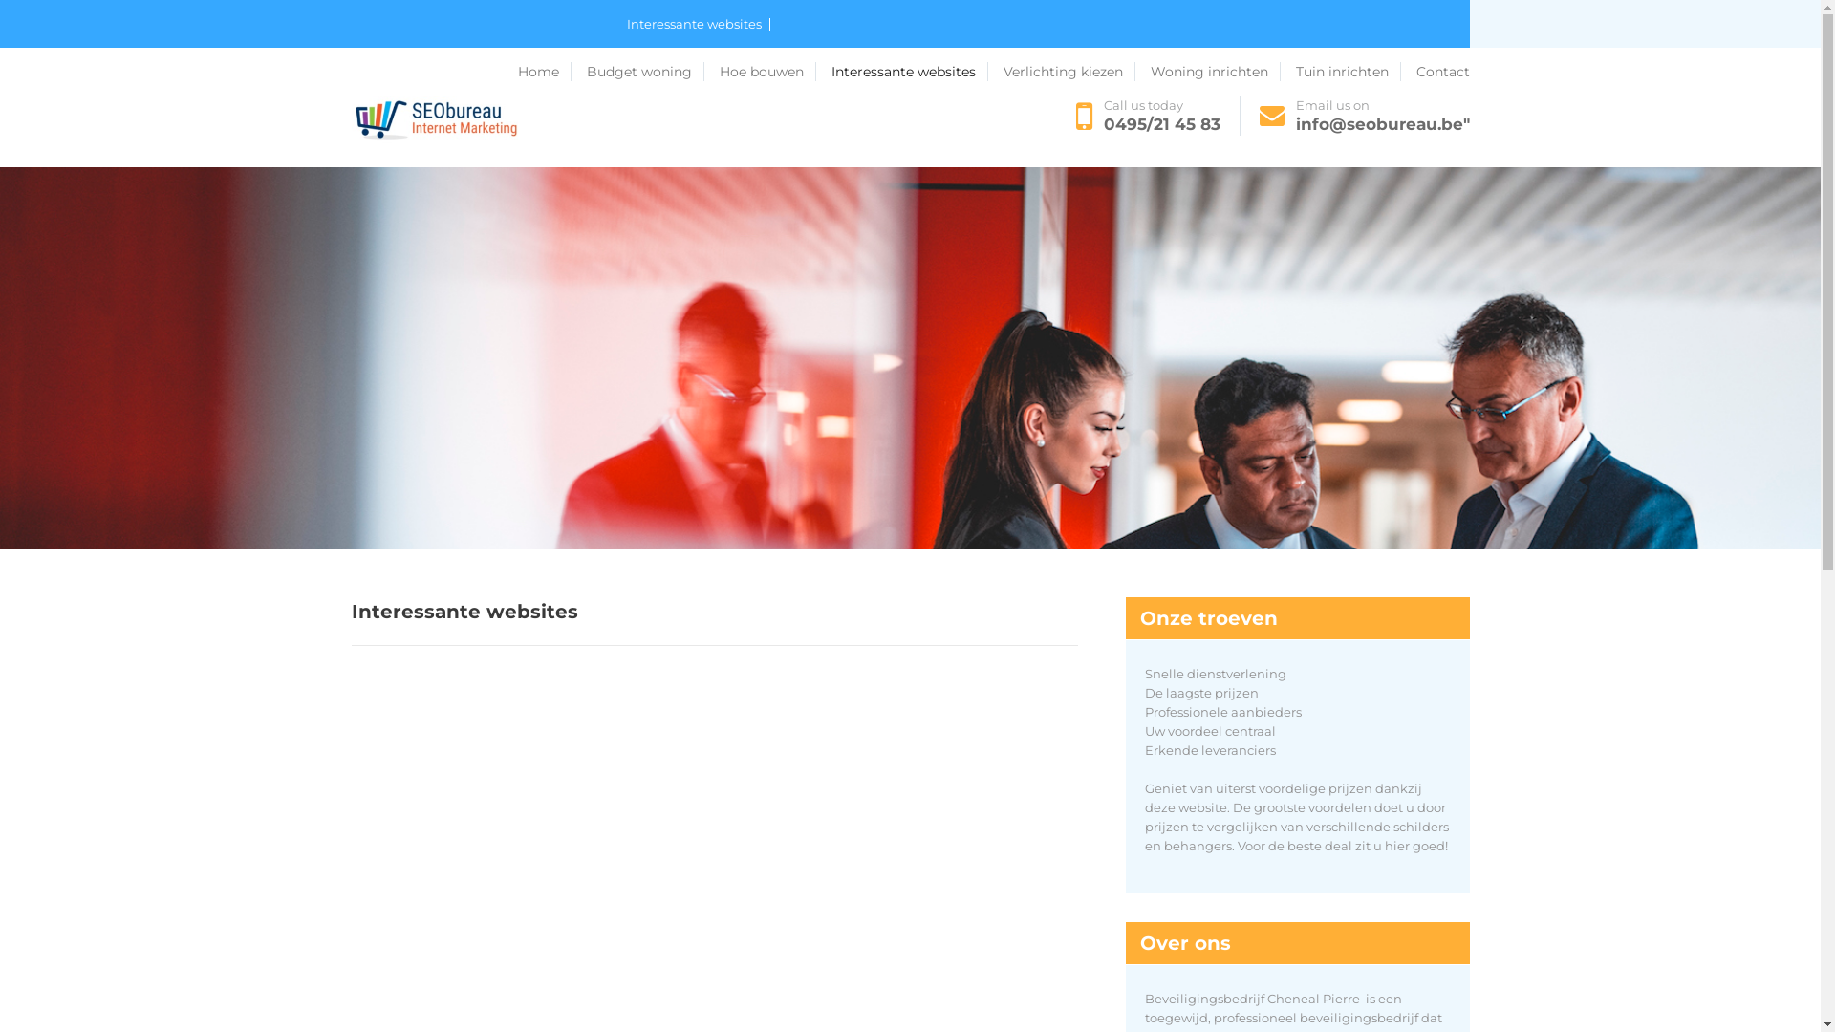  Describe the element at coordinates (1348, 70) in the screenshot. I see `'Tuin inrichten'` at that location.